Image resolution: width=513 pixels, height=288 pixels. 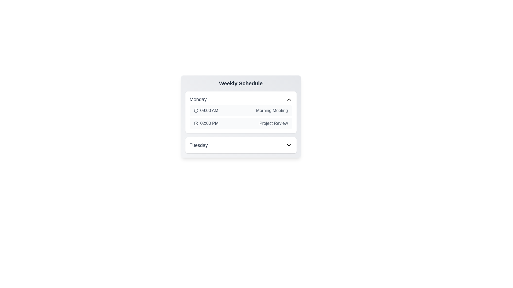 What do you see at coordinates (196, 110) in the screenshot?
I see `the gray circle part of the clock icon located in the Weekly Schedule interface, adjacent to the '02:00 PM' time label` at bounding box center [196, 110].